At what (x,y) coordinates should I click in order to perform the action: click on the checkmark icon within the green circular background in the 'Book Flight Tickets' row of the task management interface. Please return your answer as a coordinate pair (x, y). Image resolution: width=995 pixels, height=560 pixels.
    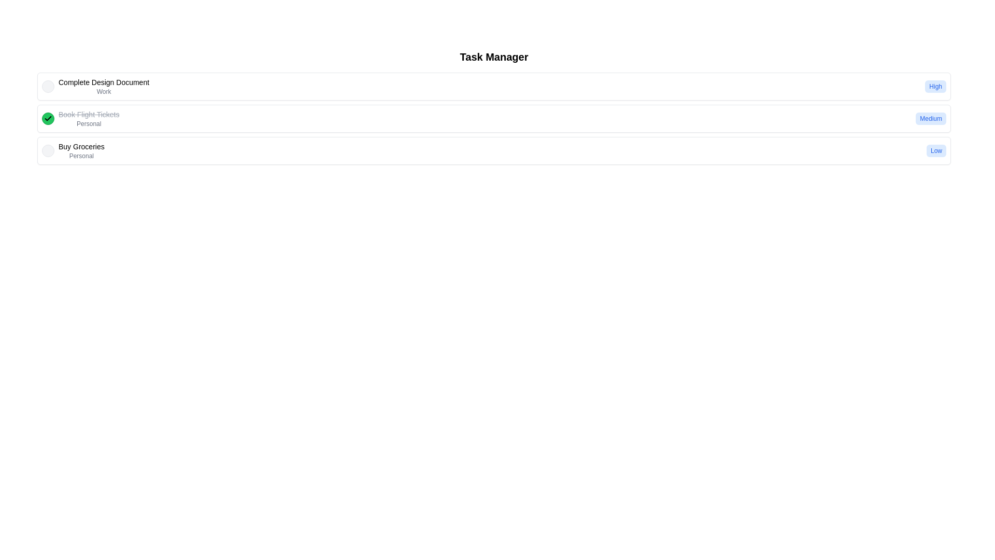
    Looking at the image, I should click on (47, 118).